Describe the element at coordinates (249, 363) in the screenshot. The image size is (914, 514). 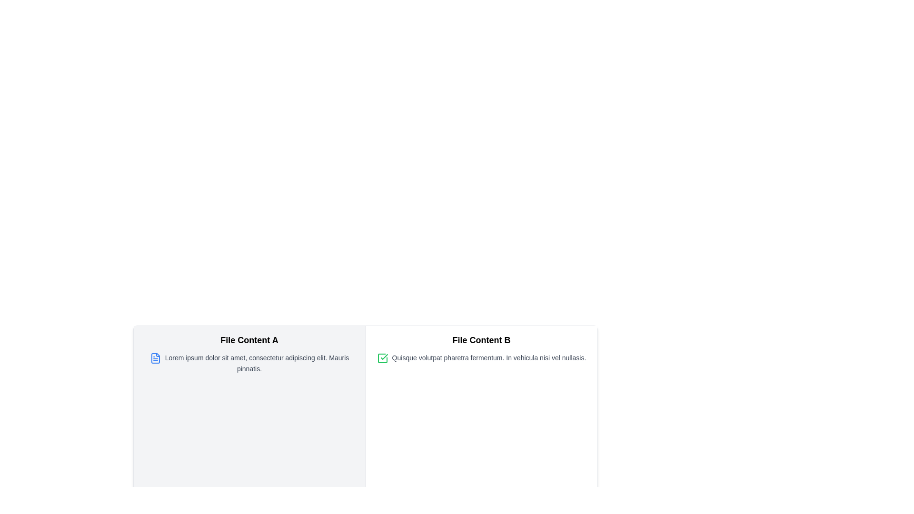
I see `the static descriptive text element located directly below the header 'File Content A' in the left half of the two-column layout` at that location.